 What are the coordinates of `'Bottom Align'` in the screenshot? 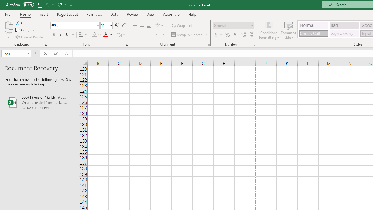 It's located at (149, 25).